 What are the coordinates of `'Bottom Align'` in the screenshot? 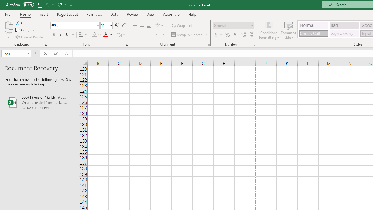 It's located at (149, 25).